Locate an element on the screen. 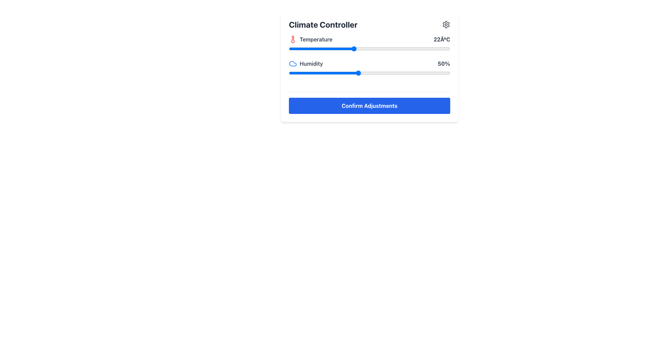 The image size is (648, 364). the humidity is located at coordinates (302, 73).